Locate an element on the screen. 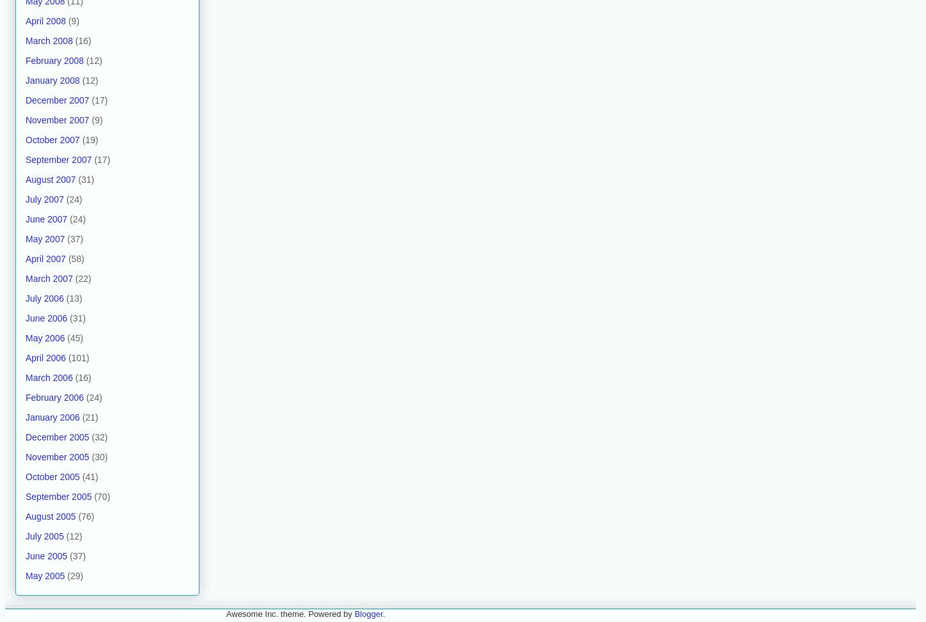 This screenshot has width=926, height=622. 'July 2007' is located at coordinates (44, 198).